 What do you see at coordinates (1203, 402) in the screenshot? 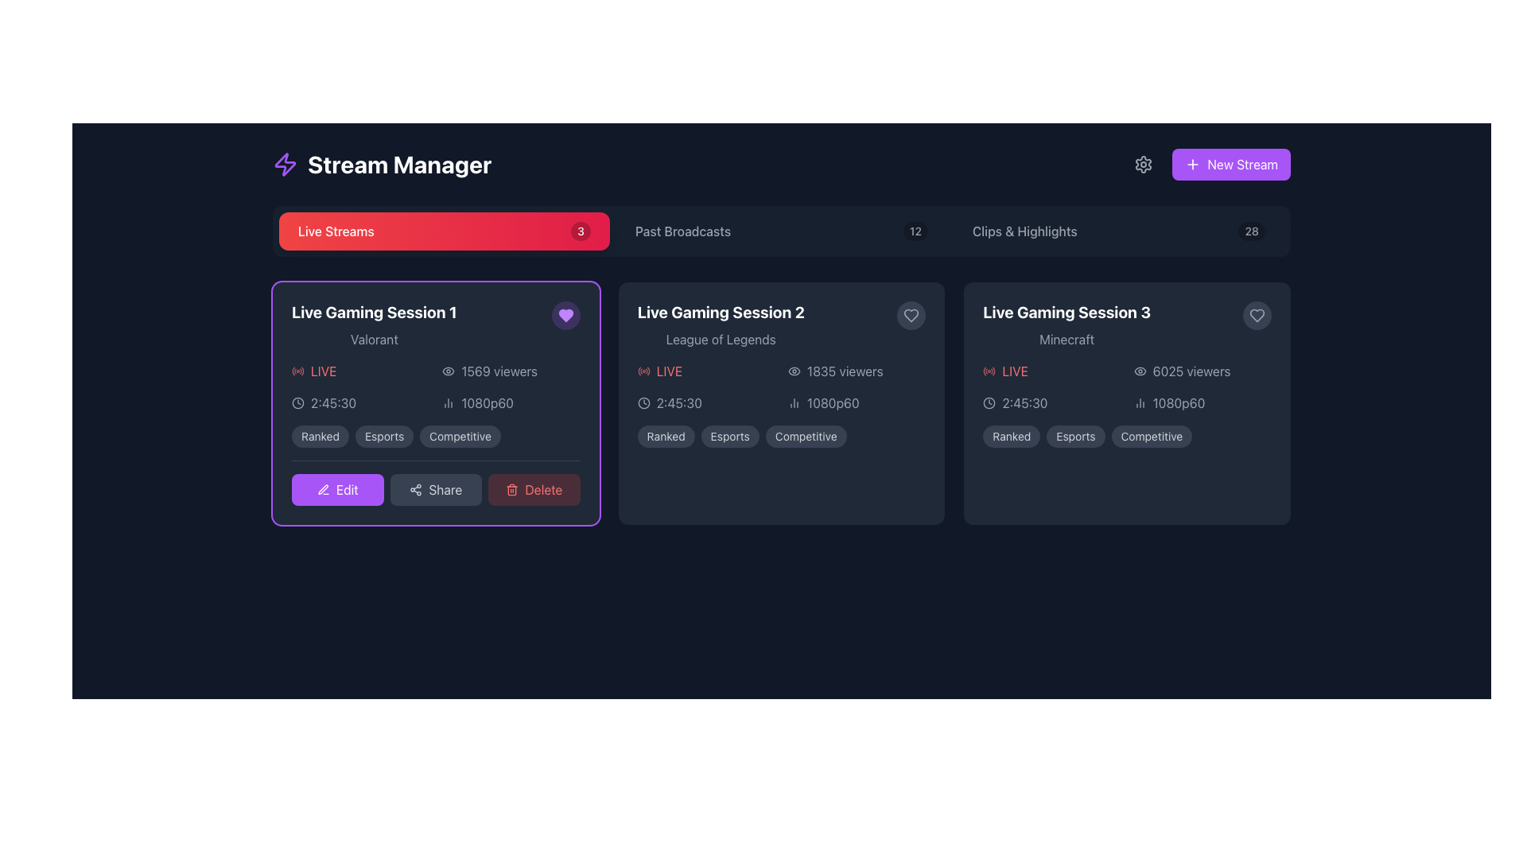
I see `the Text label displaying the resolution and frame rate of the streaming session located in the bottom-right part of the card labeled 'Live Gaming Session 3', positioned below '6025 viewers' and to the right of the clock icon and time '2:45:30'` at bounding box center [1203, 402].